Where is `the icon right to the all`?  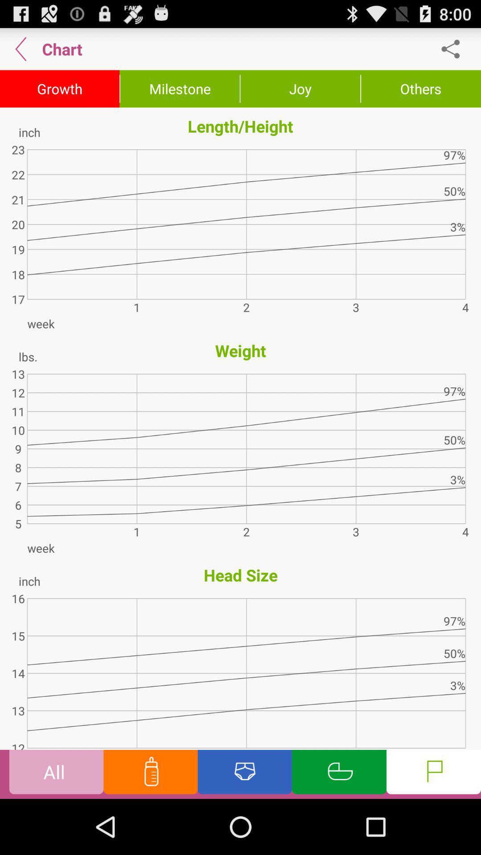
the icon right to the all is located at coordinates (150, 774).